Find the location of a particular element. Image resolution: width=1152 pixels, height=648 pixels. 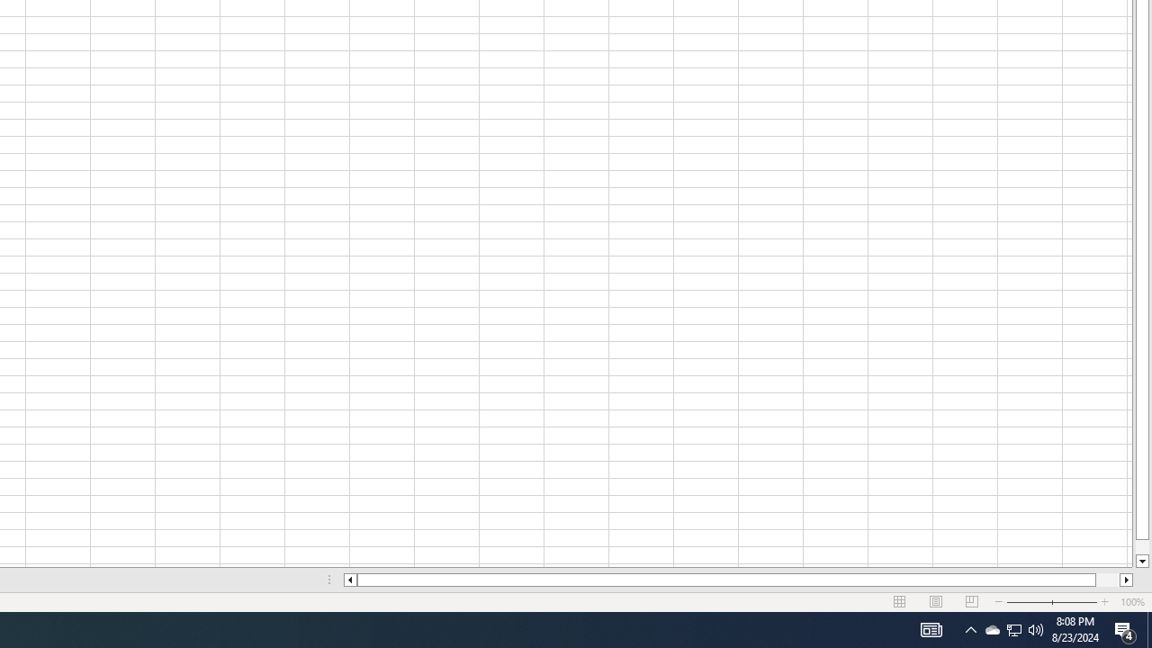

'Normal' is located at coordinates (900, 602).